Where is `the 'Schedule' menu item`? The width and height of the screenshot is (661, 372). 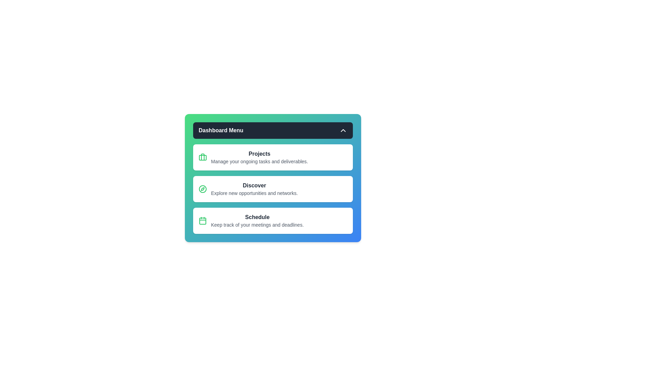
the 'Schedule' menu item is located at coordinates (272, 220).